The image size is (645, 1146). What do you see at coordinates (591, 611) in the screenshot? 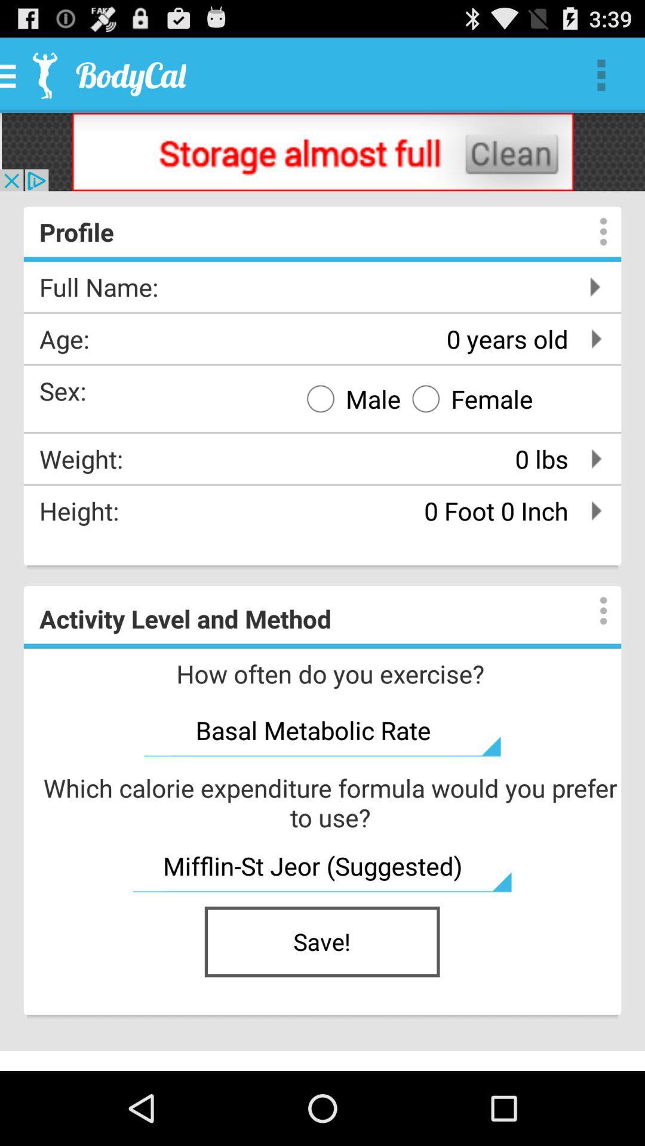
I see `more options button` at bounding box center [591, 611].